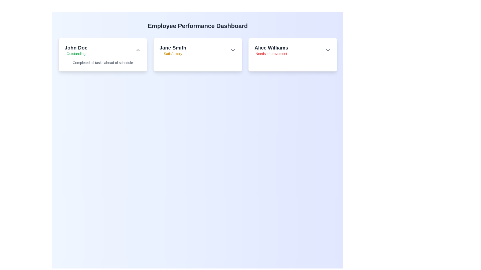 Image resolution: width=481 pixels, height=270 pixels. Describe the element at coordinates (271, 48) in the screenshot. I see `text label displaying 'Alice Williams' at the top of the employee performance card in the Employee Performance Dashboard` at that location.